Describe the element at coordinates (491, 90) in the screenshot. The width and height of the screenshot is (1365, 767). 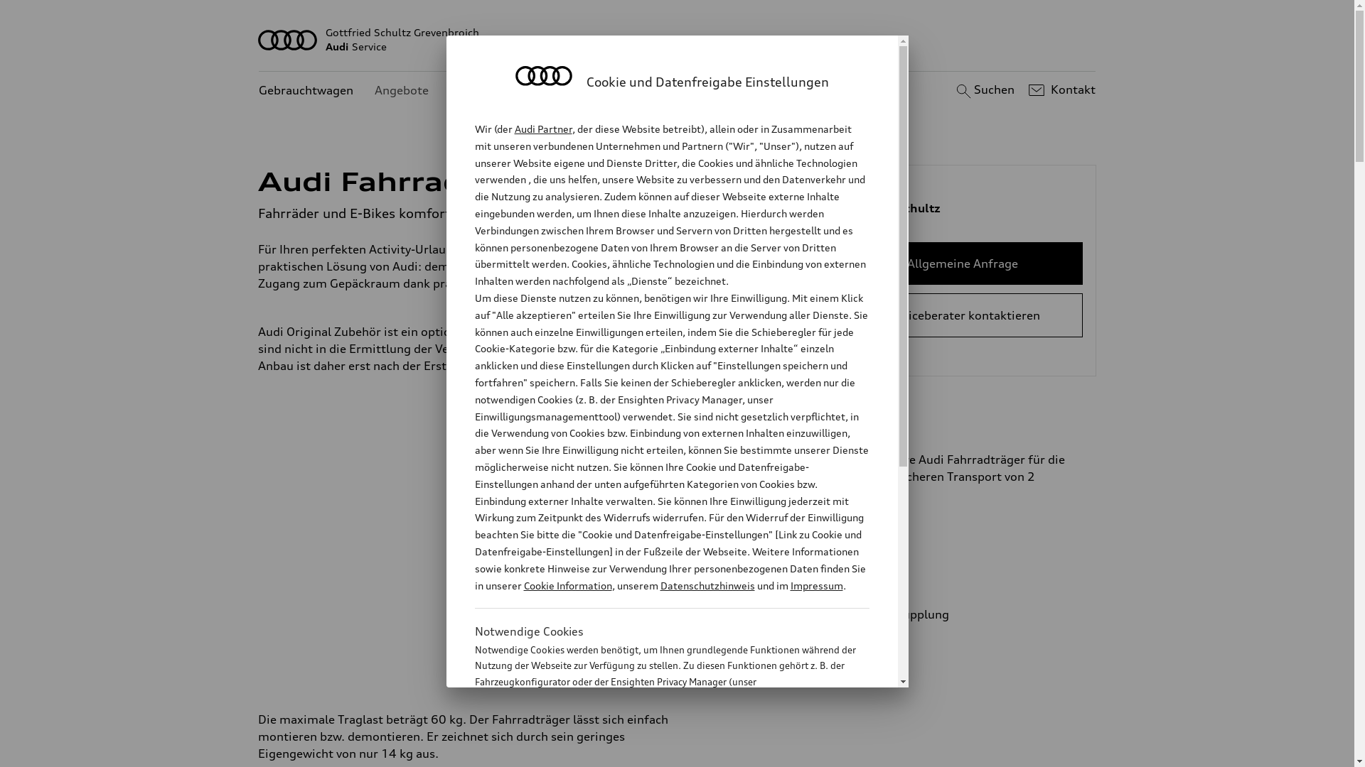
I see `'Kundenservice'` at that location.